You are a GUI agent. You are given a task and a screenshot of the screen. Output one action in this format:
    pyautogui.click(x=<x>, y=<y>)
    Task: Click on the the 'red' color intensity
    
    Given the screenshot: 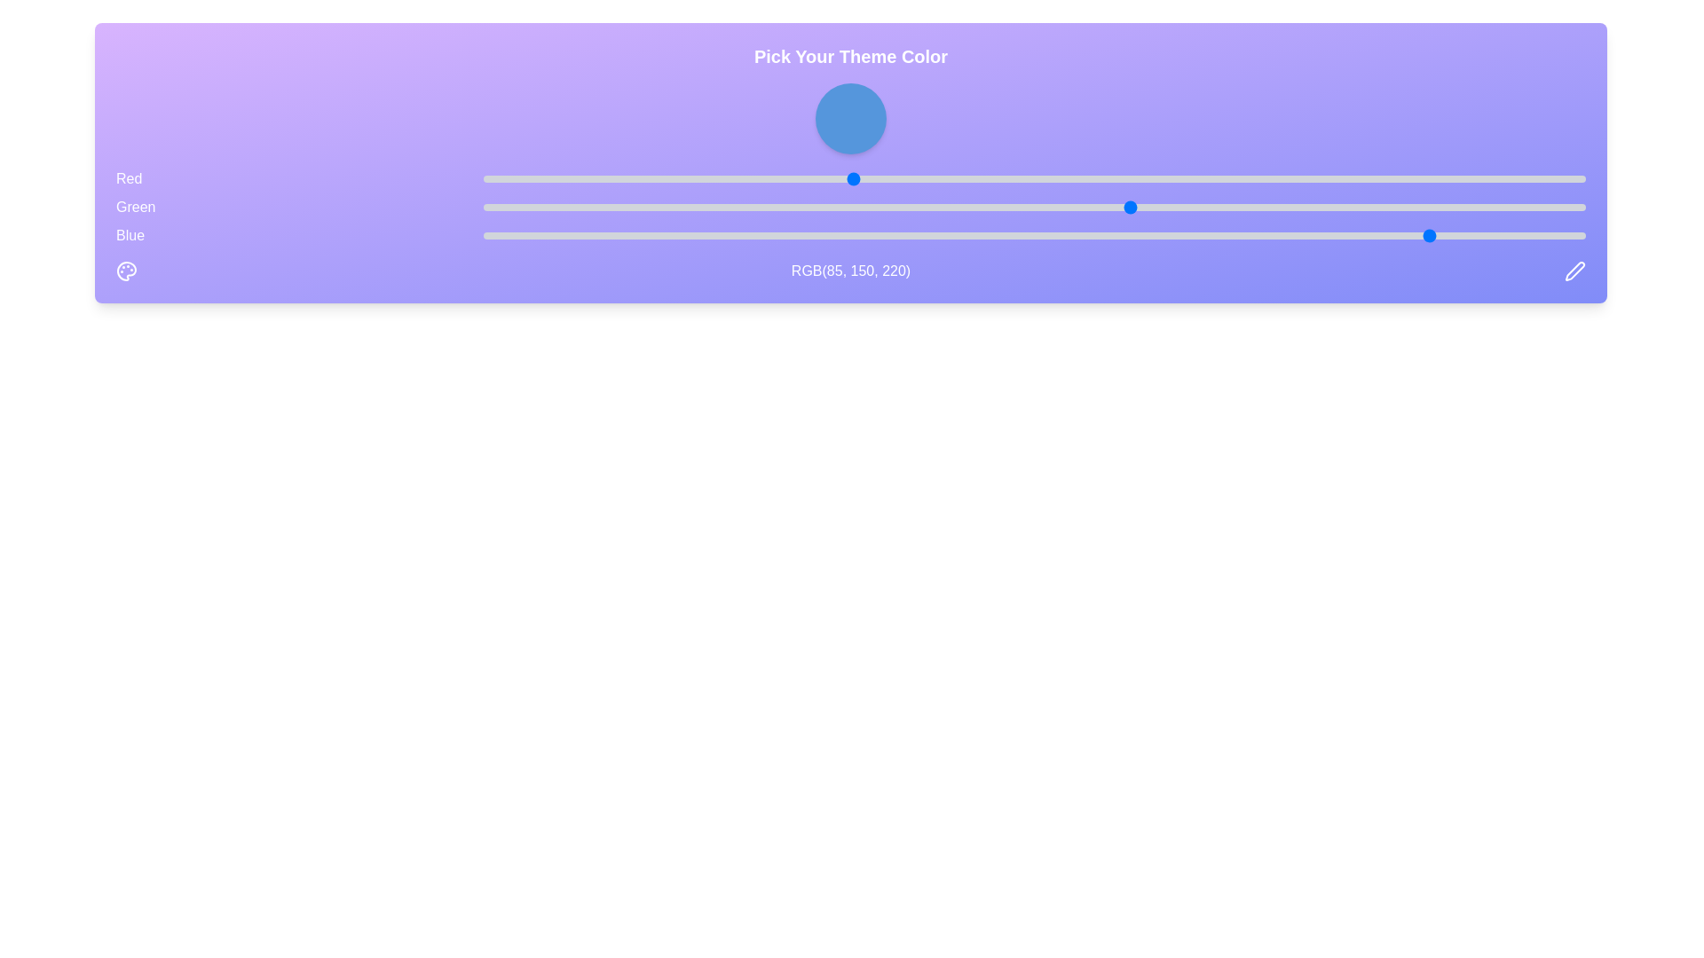 What is the action you would take?
    pyautogui.click(x=738, y=178)
    